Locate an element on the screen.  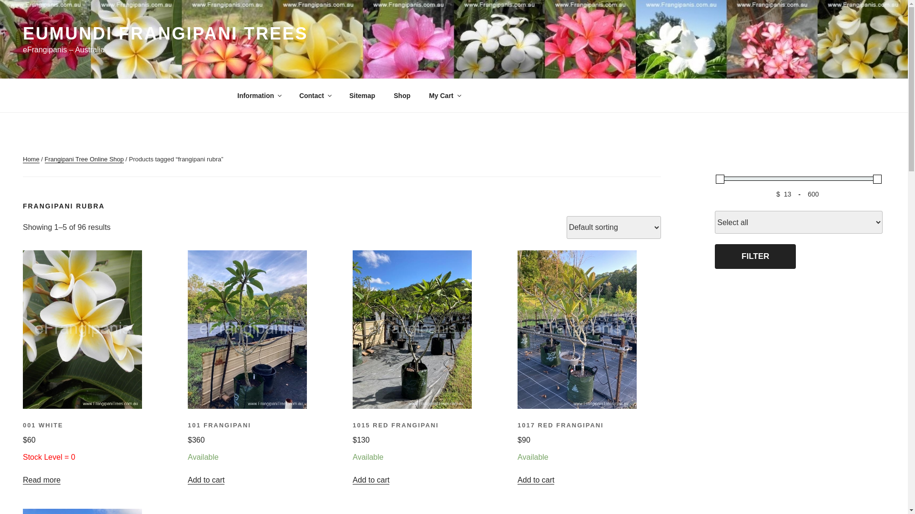
'Add to cart' is located at coordinates (205, 480).